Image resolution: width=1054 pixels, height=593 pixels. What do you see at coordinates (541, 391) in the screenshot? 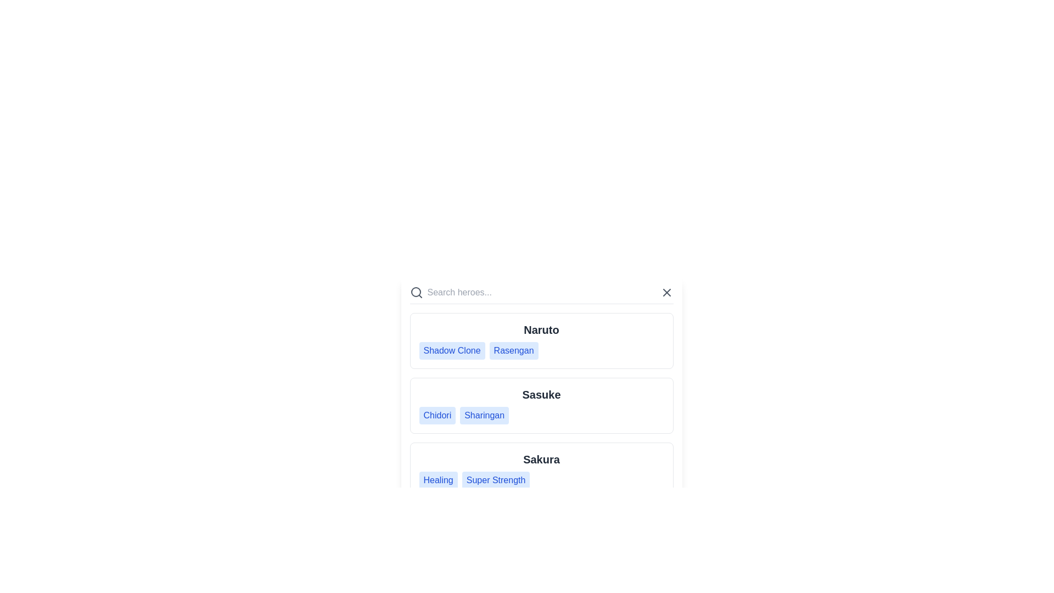
I see `the Card element displaying content for the hero 'Sasuke', which is positioned in the middle section of a vertically stacked list of hero descriptions` at bounding box center [541, 391].